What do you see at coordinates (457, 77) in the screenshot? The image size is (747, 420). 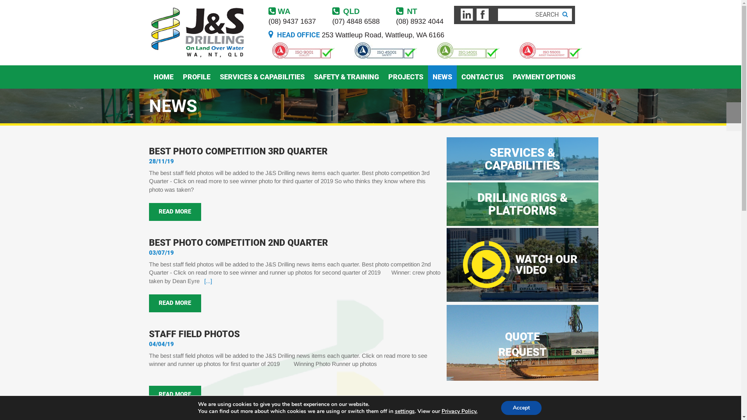 I see `'CONTACT US'` at bounding box center [457, 77].